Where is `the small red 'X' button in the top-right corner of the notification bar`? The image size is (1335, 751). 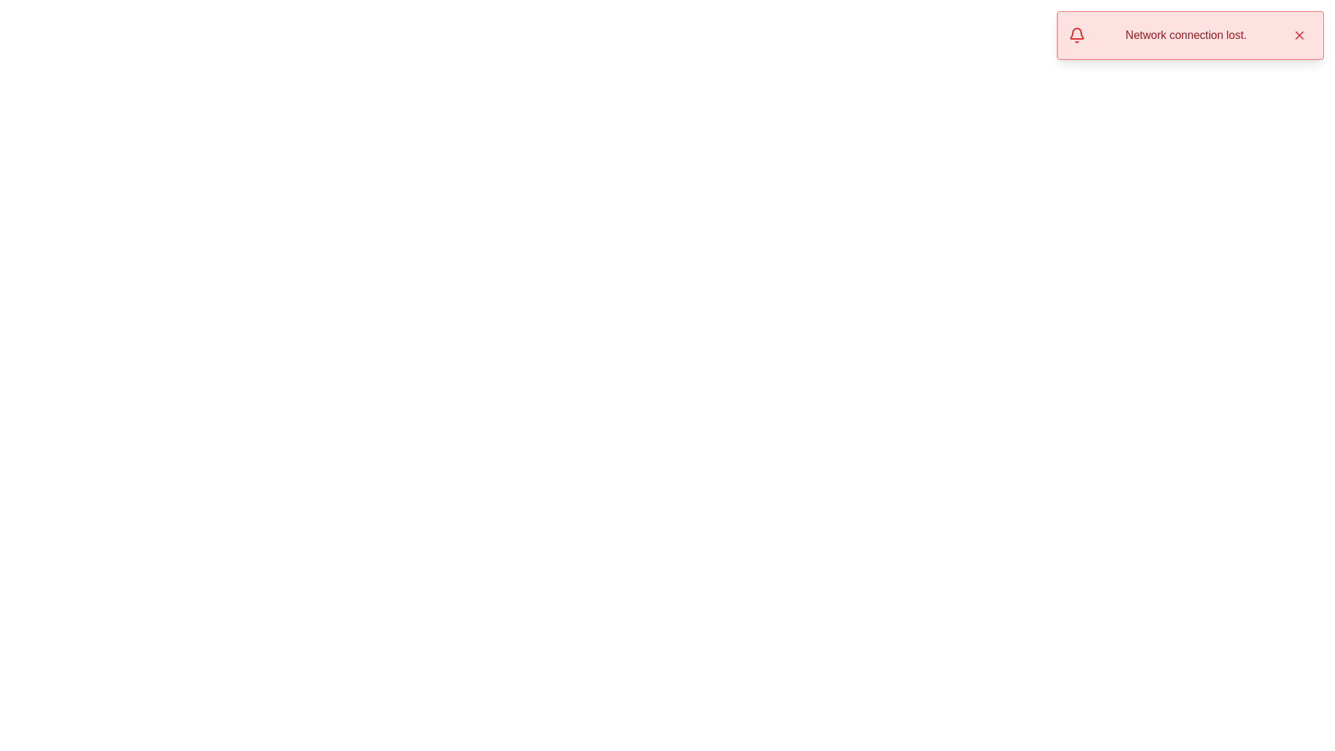
the small red 'X' button in the top-right corner of the notification bar is located at coordinates (1298, 34).